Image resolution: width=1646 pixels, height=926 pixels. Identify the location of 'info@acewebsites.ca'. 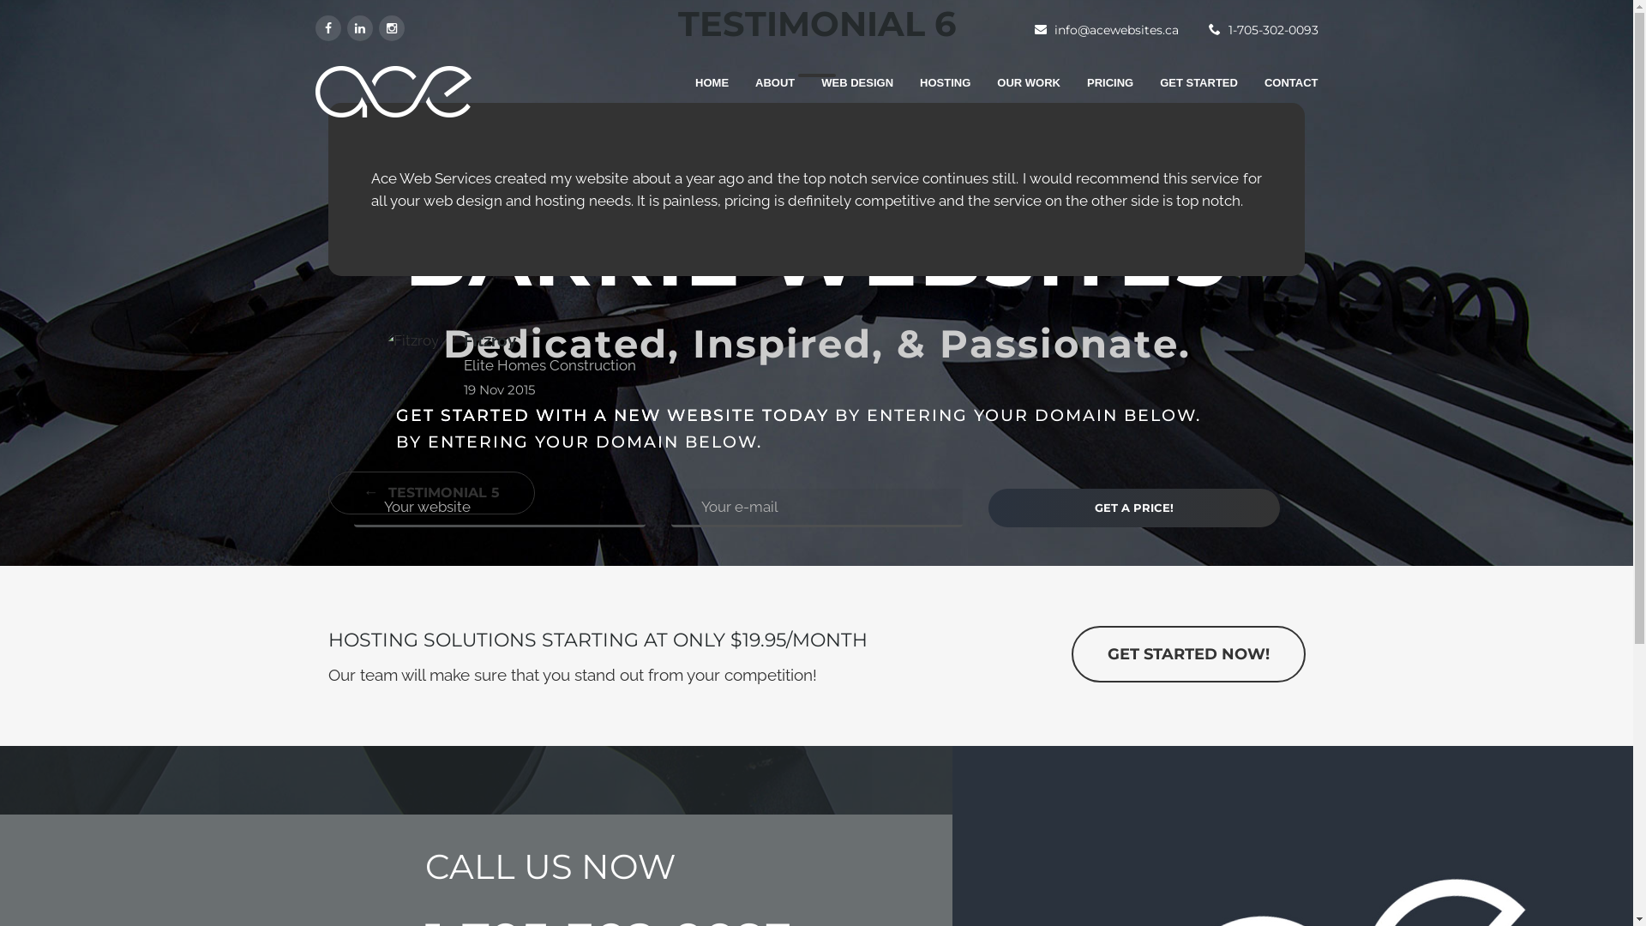
(1116, 29).